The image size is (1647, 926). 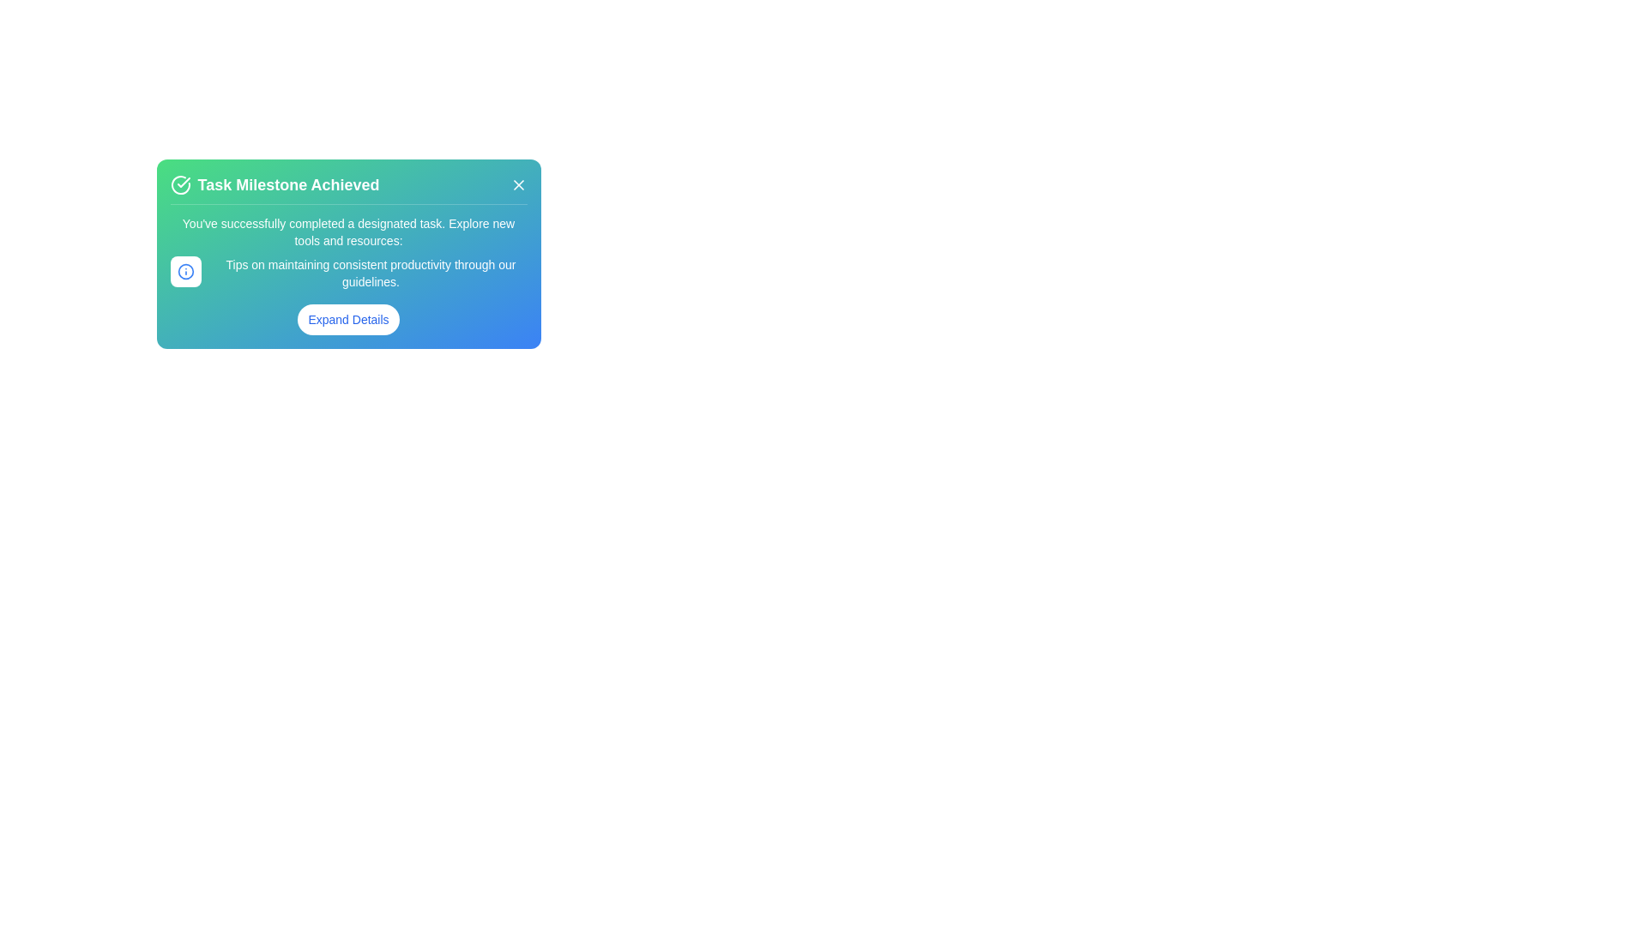 What do you see at coordinates (185, 270) in the screenshot?
I see `the information icon to trigger a tooltip or similar effect` at bounding box center [185, 270].